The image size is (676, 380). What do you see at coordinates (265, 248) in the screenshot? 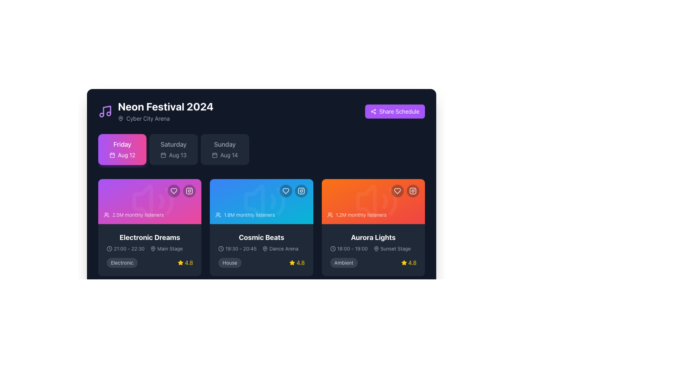
I see `the map pin icon located to the left of the 'Dance Arena' text for the 'Cosmic Beats' event` at bounding box center [265, 248].